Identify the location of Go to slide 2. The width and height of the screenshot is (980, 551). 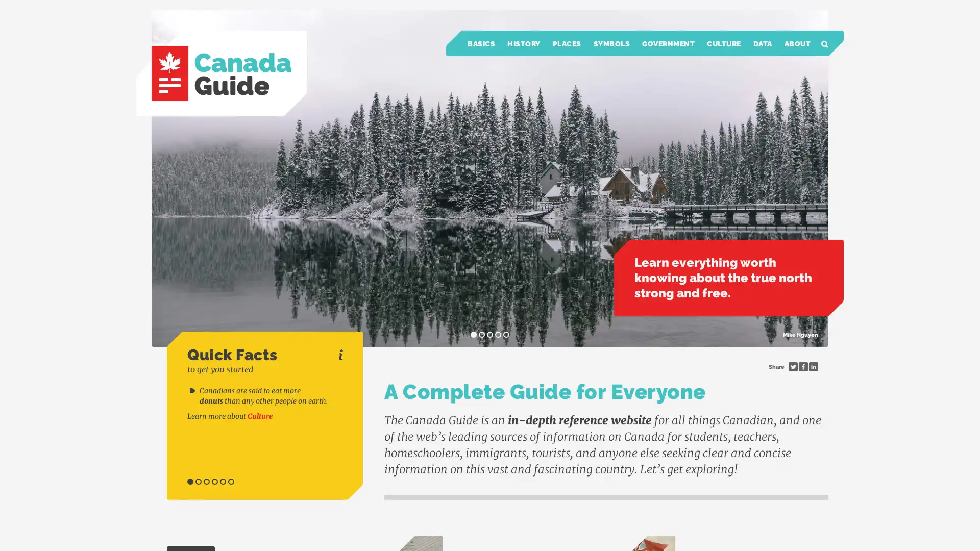
(481, 334).